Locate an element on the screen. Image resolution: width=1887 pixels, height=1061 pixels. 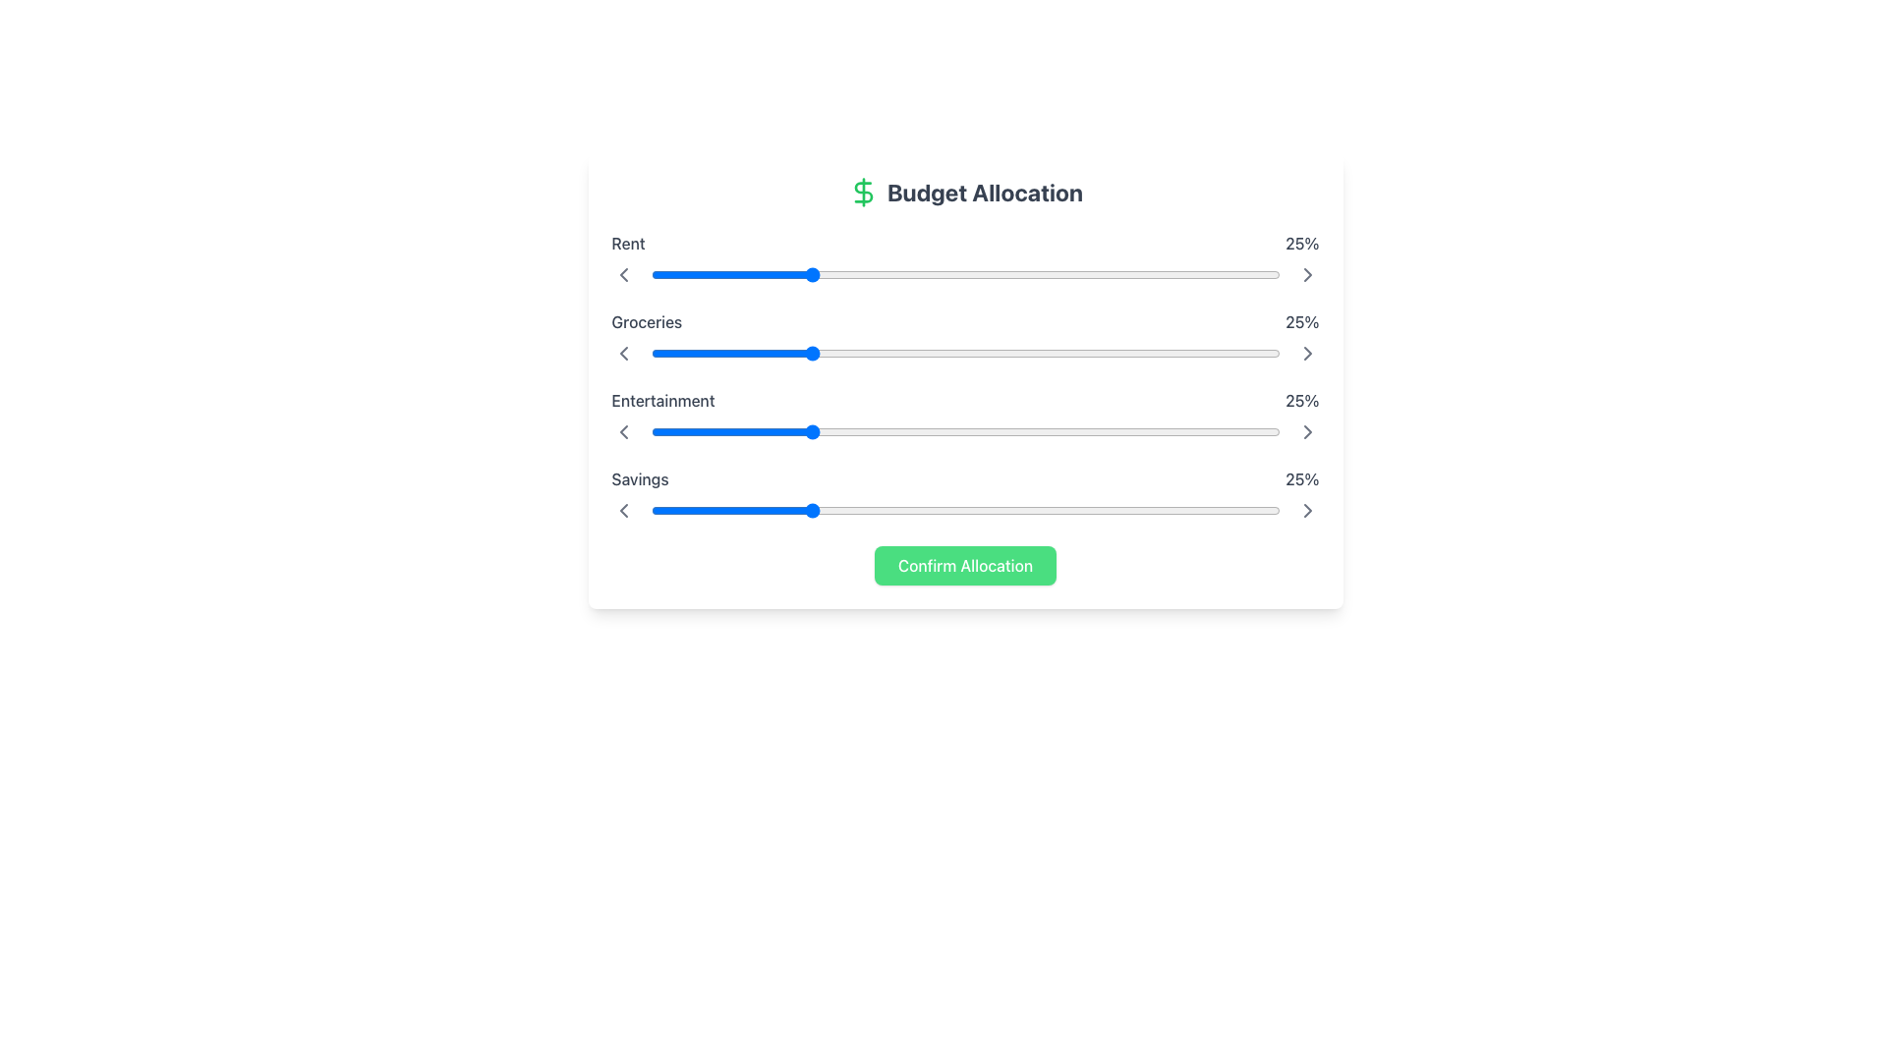
the slider for 'Entertainment' is located at coordinates (883, 430).